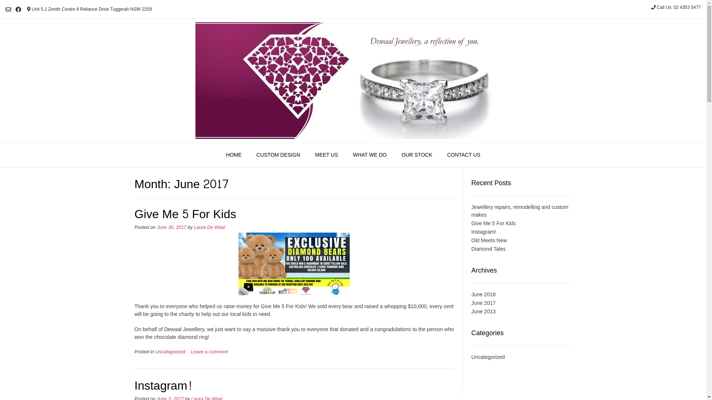  What do you see at coordinates (370, 155) in the screenshot?
I see `'WHAT WE DO'` at bounding box center [370, 155].